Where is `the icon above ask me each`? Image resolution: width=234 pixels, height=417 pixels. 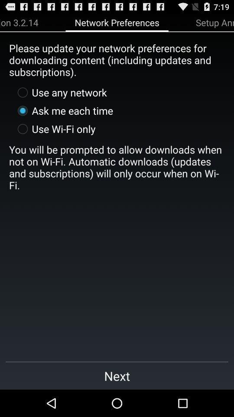
the icon above ask me each is located at coordinates (60, 92).